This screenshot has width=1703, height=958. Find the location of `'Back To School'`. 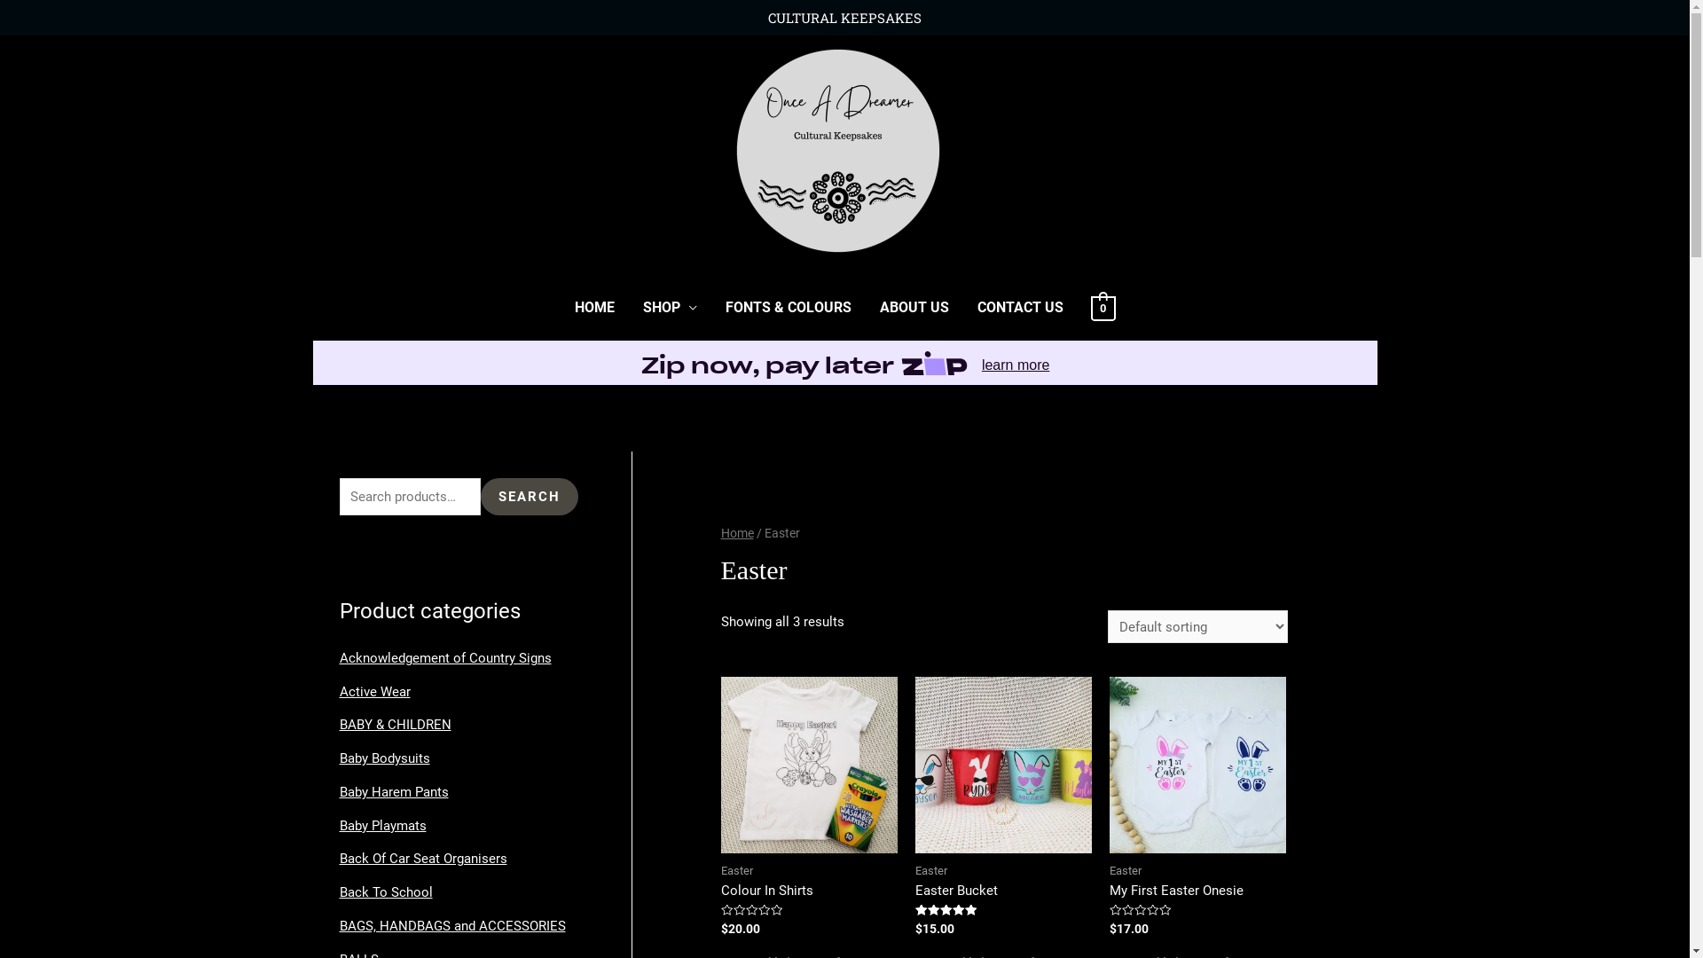

'Back To School' is located at coordinates (339, 892).